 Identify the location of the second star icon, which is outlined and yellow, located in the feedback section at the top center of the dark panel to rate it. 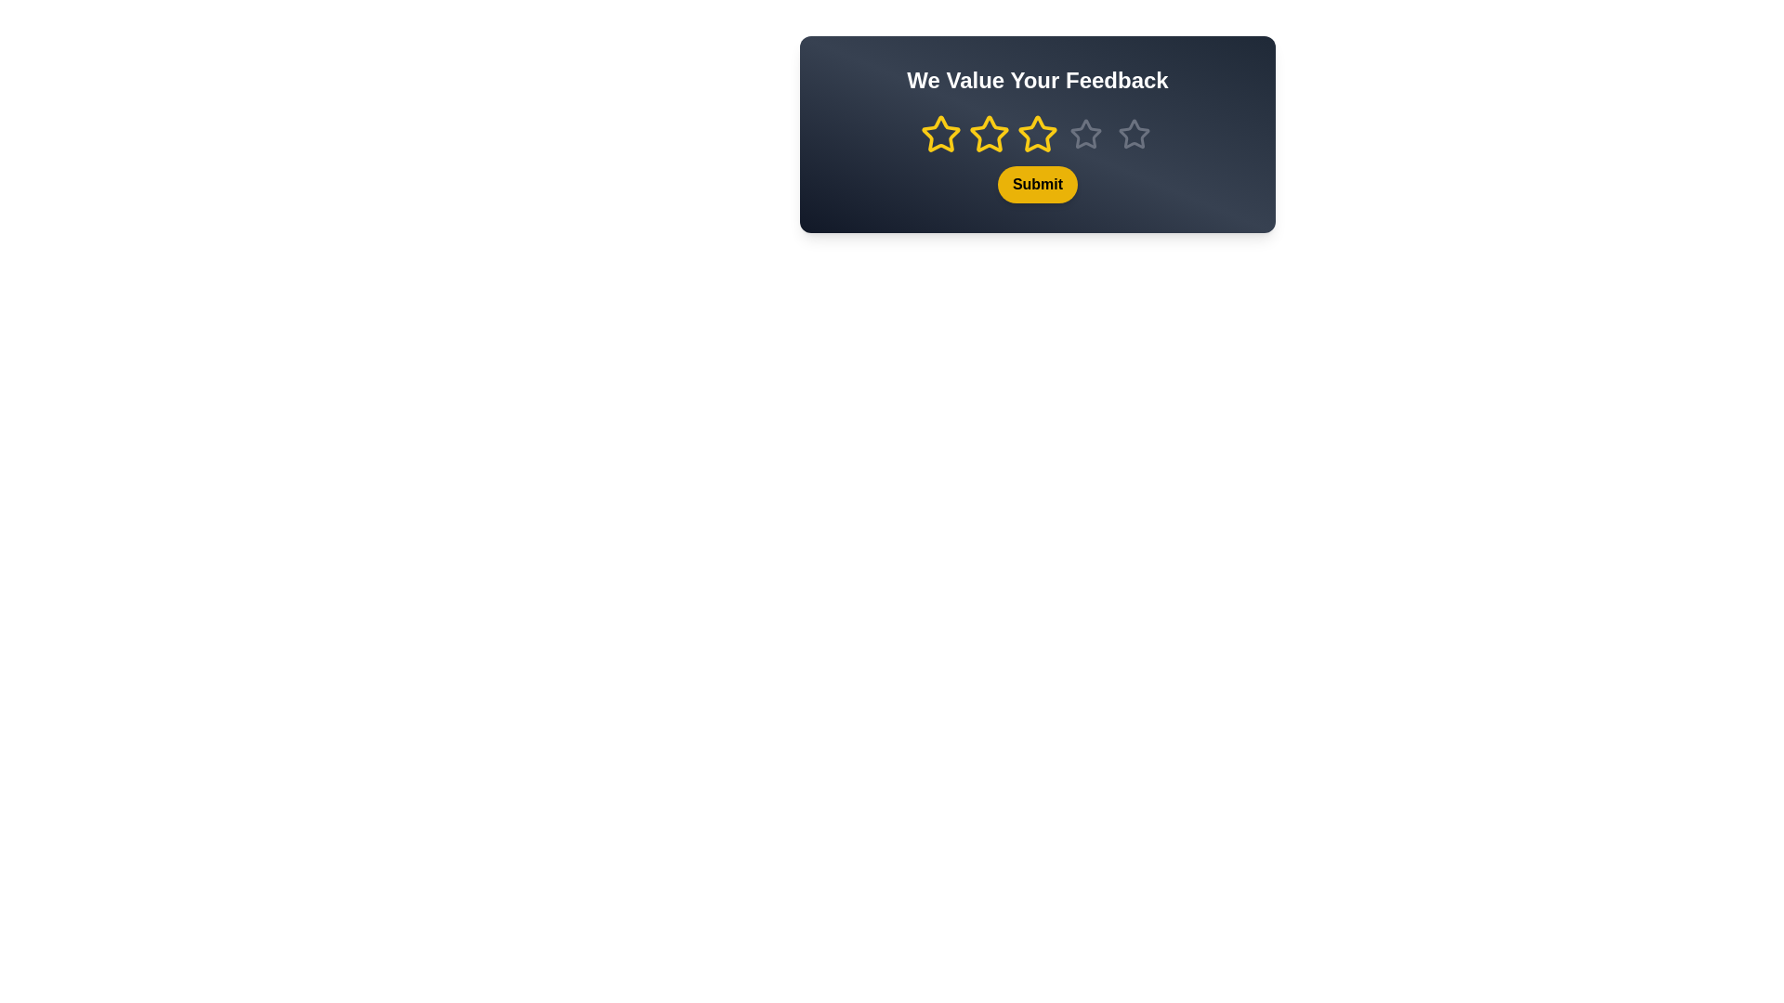
(989, 134).